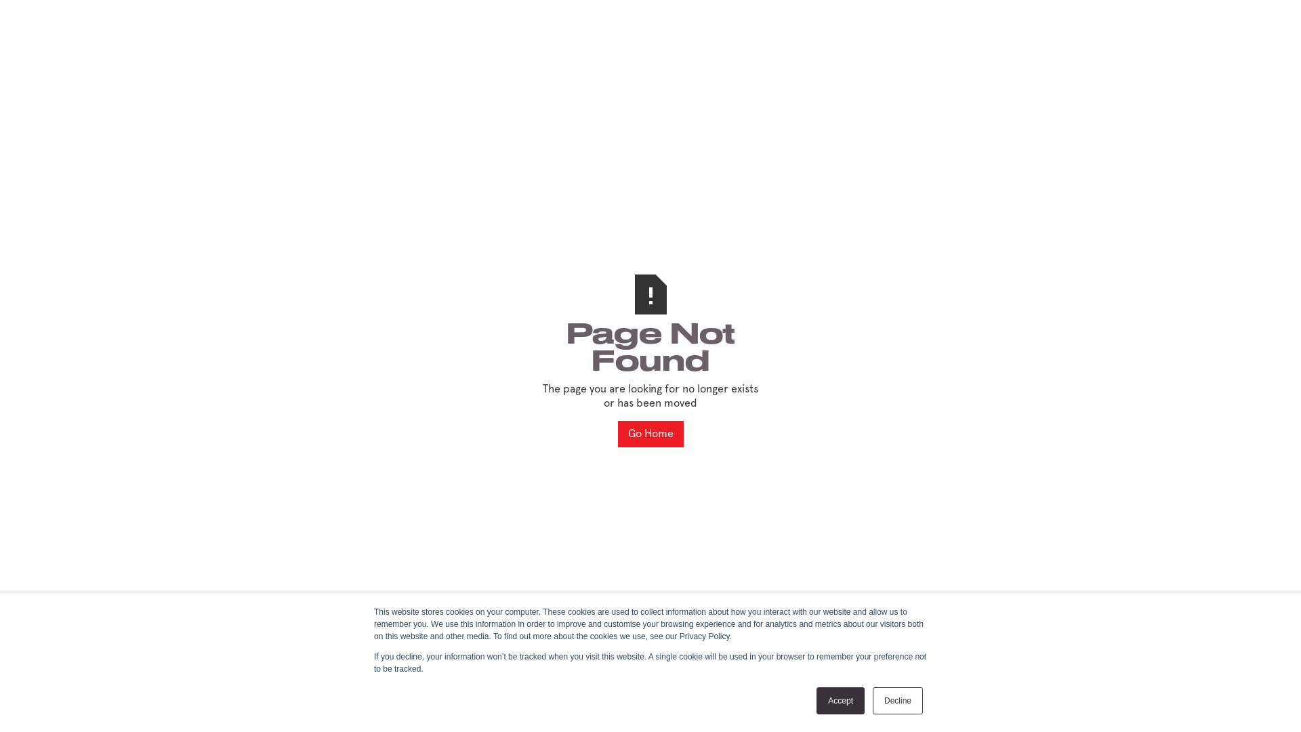 The image size is (1301, 732). What do you see at coordinates (840, 700) in the screenshot?
I see `'Accept'` at bounding box center [840, 700].